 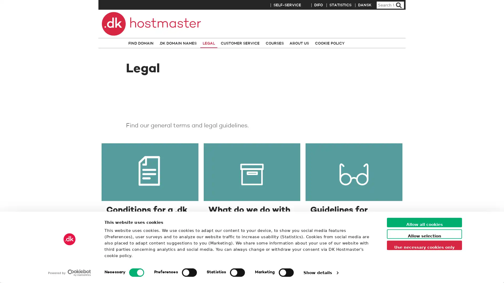 What do you see at coordinates (424, 233) in the screenshot?
I see `Allow selection` at bounding box center [424, 233].